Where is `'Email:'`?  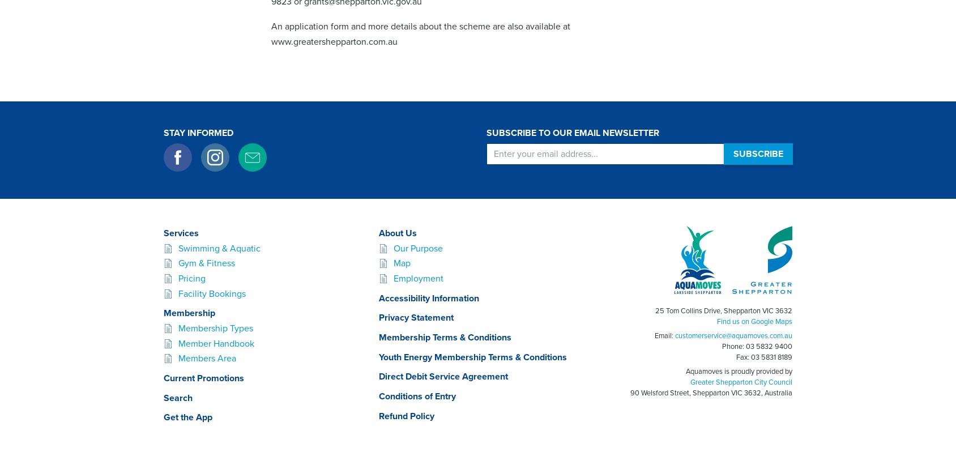
'Email:' is located at coordinates (664, 335).